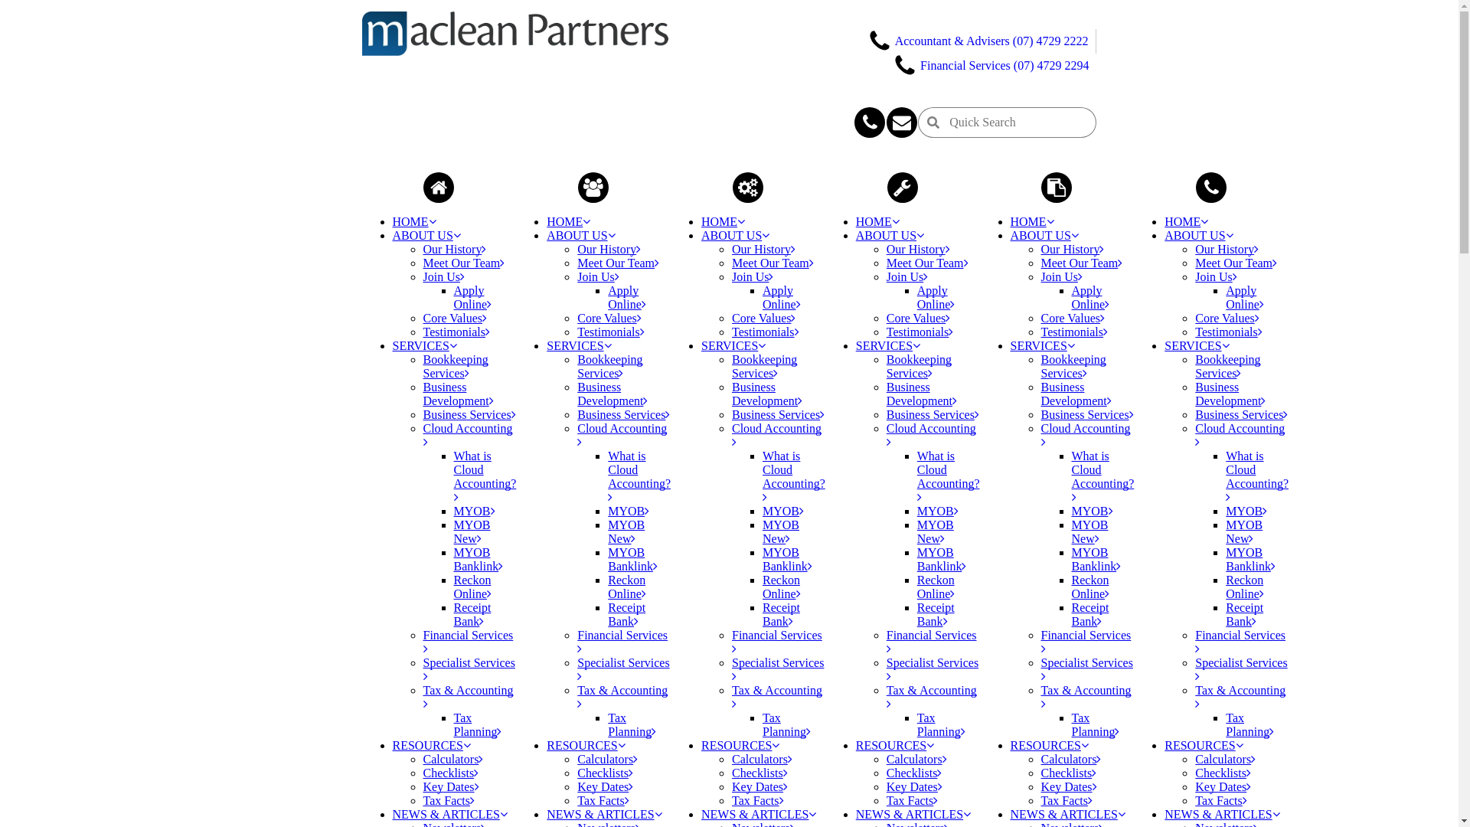 The image size is (1470, 827). Describe the element at coordinates (576, 668) in the screenshot. I see `'Specialist Services'` at that location.